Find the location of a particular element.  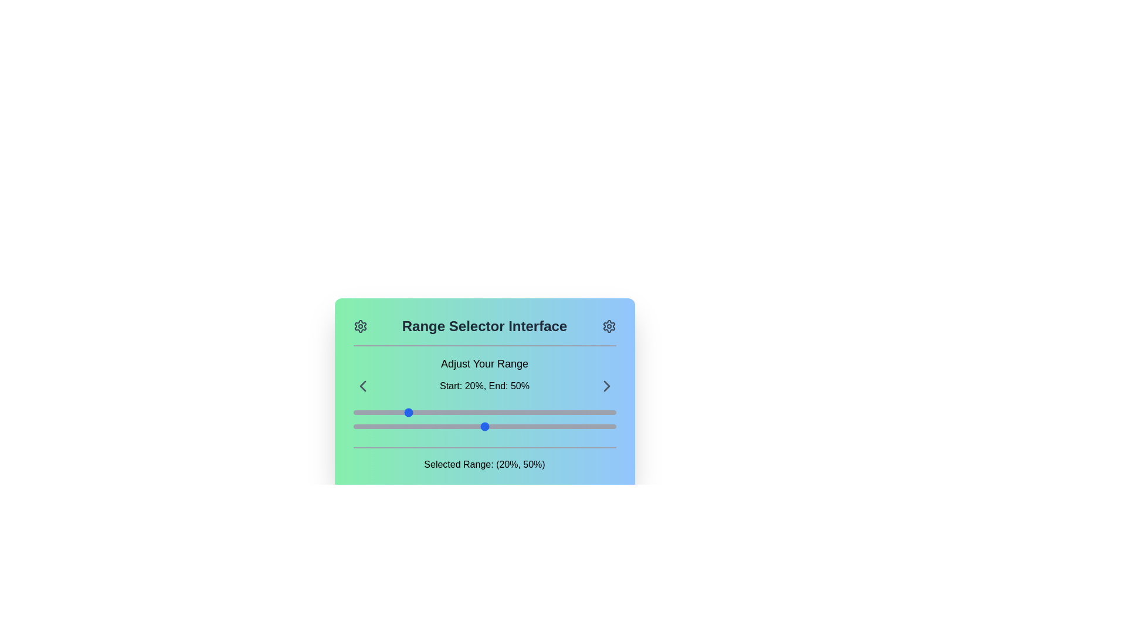

the slider value is located at coordinates (608, 427).